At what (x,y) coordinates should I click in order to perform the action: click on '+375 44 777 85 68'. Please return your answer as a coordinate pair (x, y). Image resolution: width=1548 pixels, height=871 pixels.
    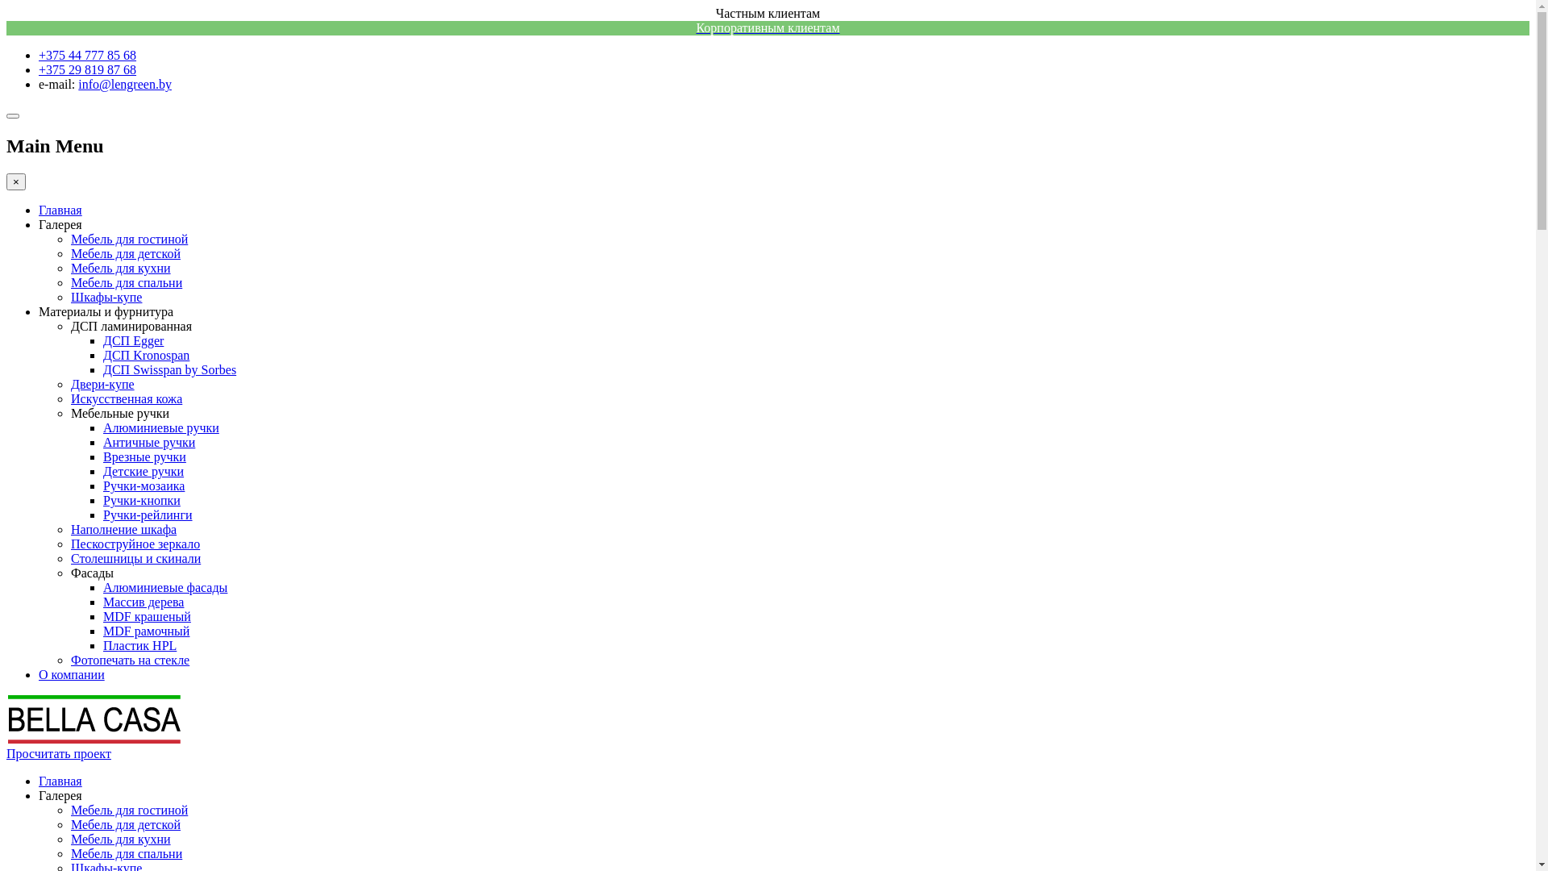
    Looking at the image, I should click on (86, 54).